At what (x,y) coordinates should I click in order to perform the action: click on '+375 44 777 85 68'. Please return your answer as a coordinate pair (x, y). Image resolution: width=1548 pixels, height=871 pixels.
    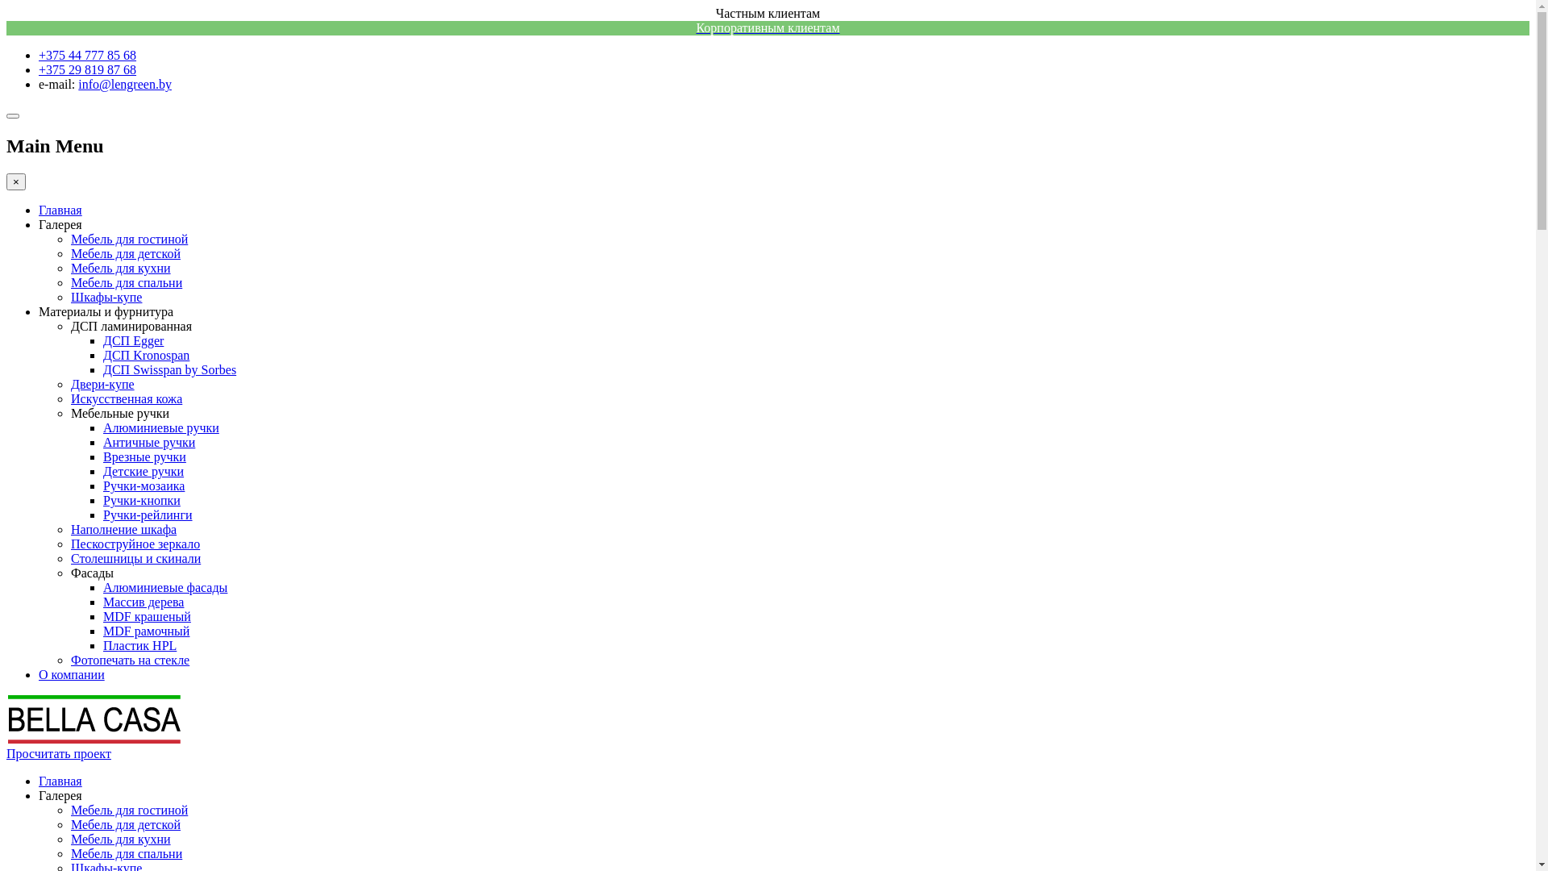
    Looking at the image, I should click on (86, 54).